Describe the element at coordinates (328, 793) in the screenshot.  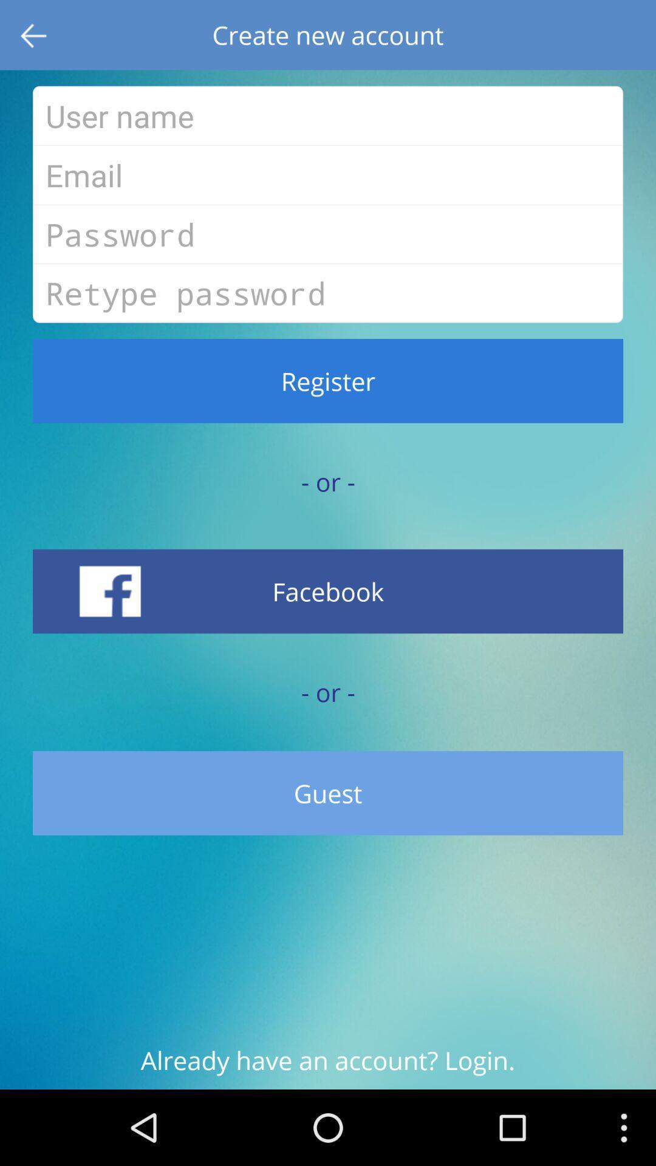
I see `icon above already have an` at that location.